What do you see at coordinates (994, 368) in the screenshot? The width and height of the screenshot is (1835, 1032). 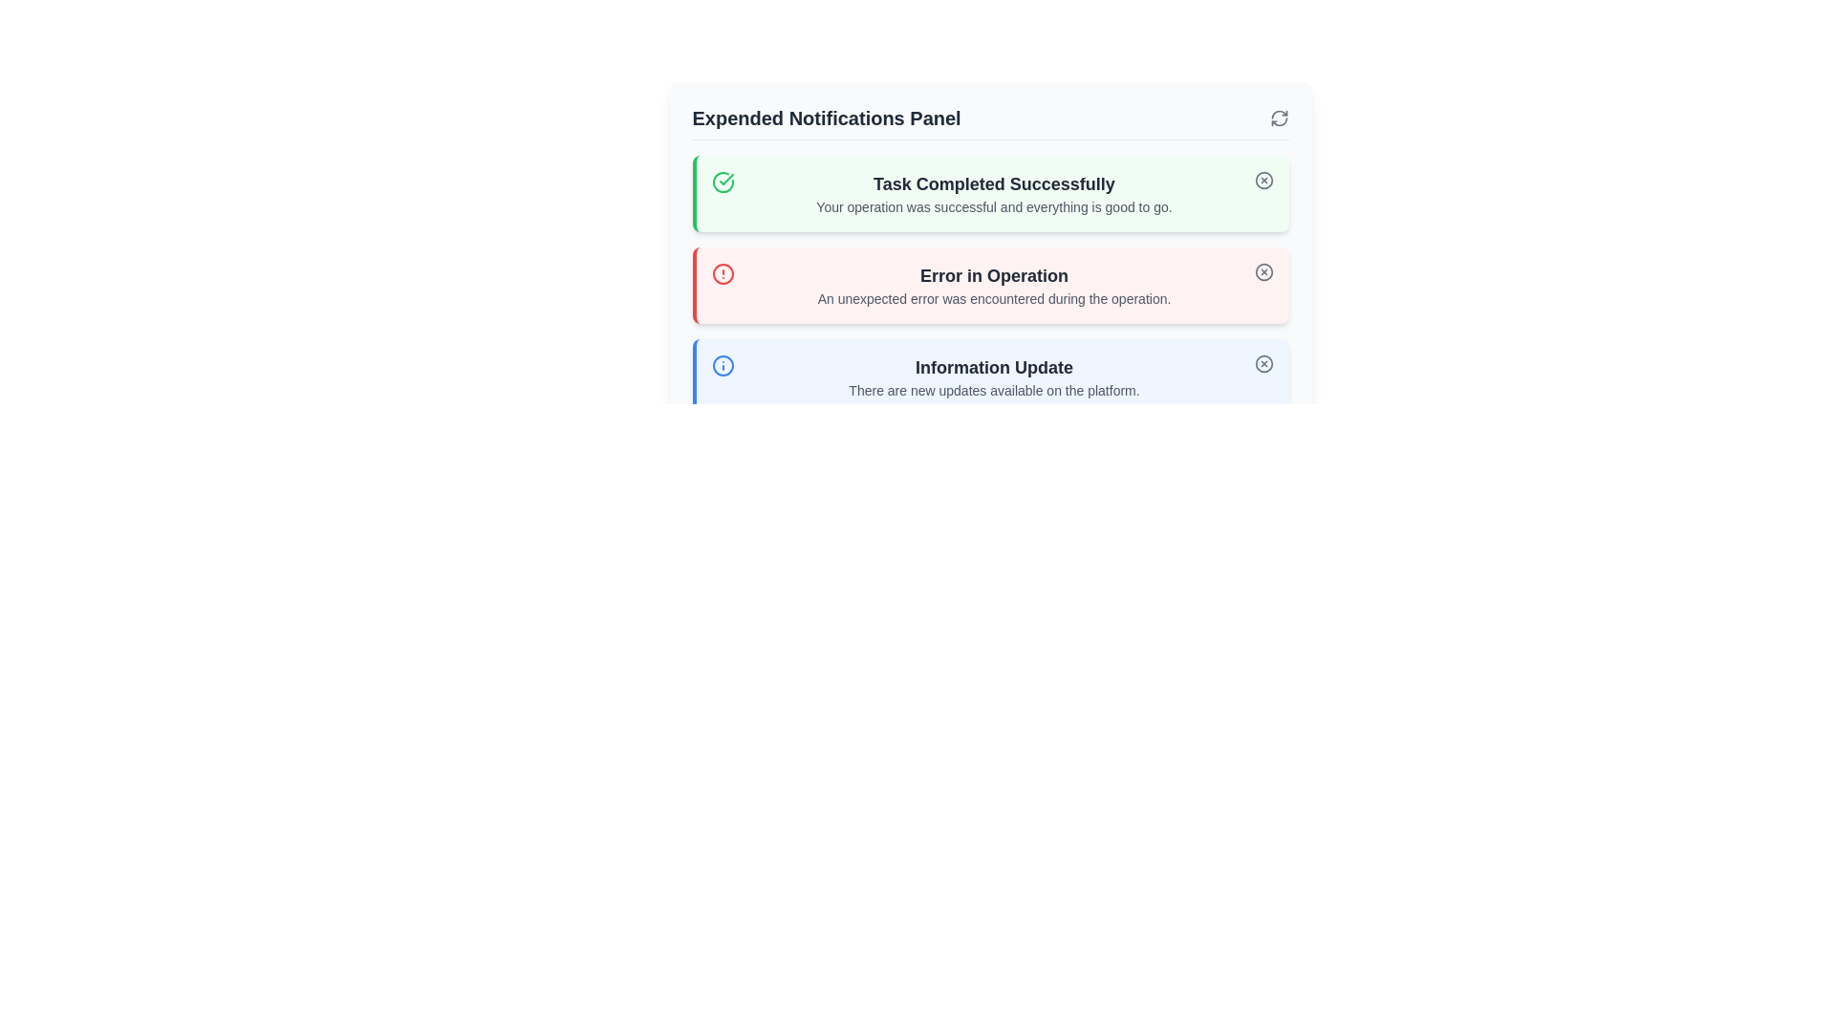 I see `the text label that serves as the title for the notification card, located at the top of the card with a blue border` at bounding box center [994, 368].